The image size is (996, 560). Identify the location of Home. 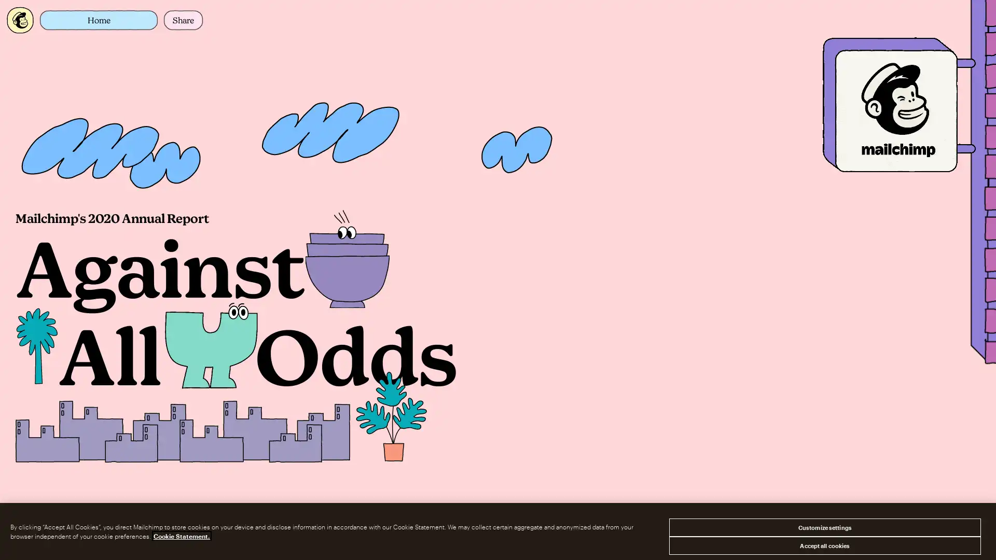
(99, 20).